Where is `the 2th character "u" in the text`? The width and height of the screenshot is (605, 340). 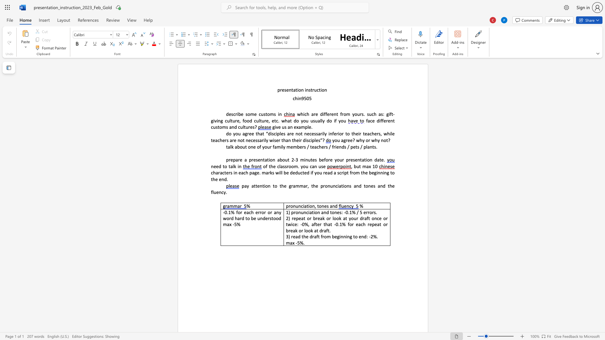
the 2th character "u" in the text is located at coordinates (241, 127).